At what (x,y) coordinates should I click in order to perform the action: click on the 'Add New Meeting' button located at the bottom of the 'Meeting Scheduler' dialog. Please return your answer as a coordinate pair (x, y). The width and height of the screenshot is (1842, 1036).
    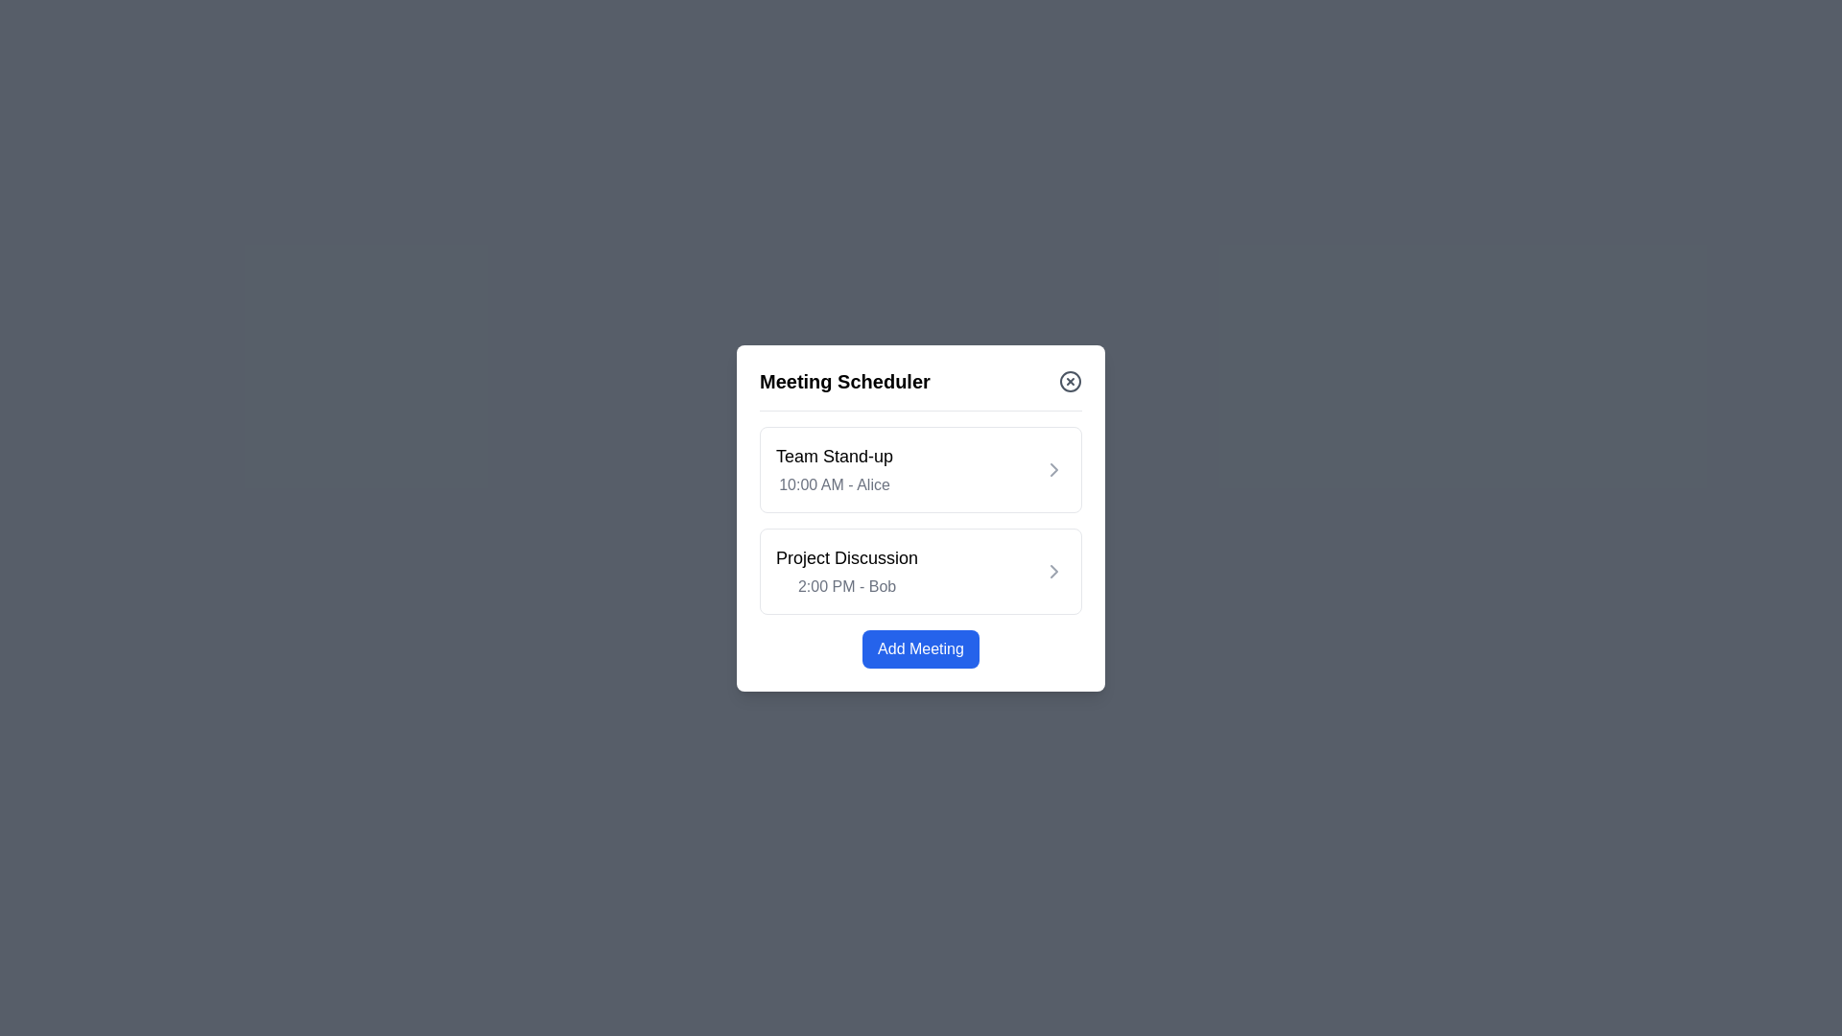
    Looking at the image, I should click on (921, 647).